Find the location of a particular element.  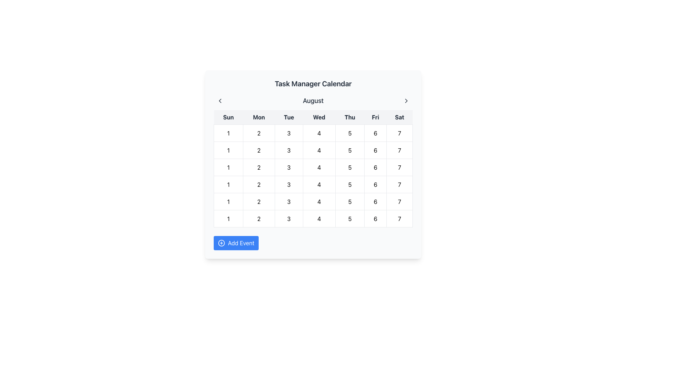

the static text element displaying the calendar date for the 7th day of the month located under the 'Sat' header in the calendar grid is located at coordinates (400, 133).